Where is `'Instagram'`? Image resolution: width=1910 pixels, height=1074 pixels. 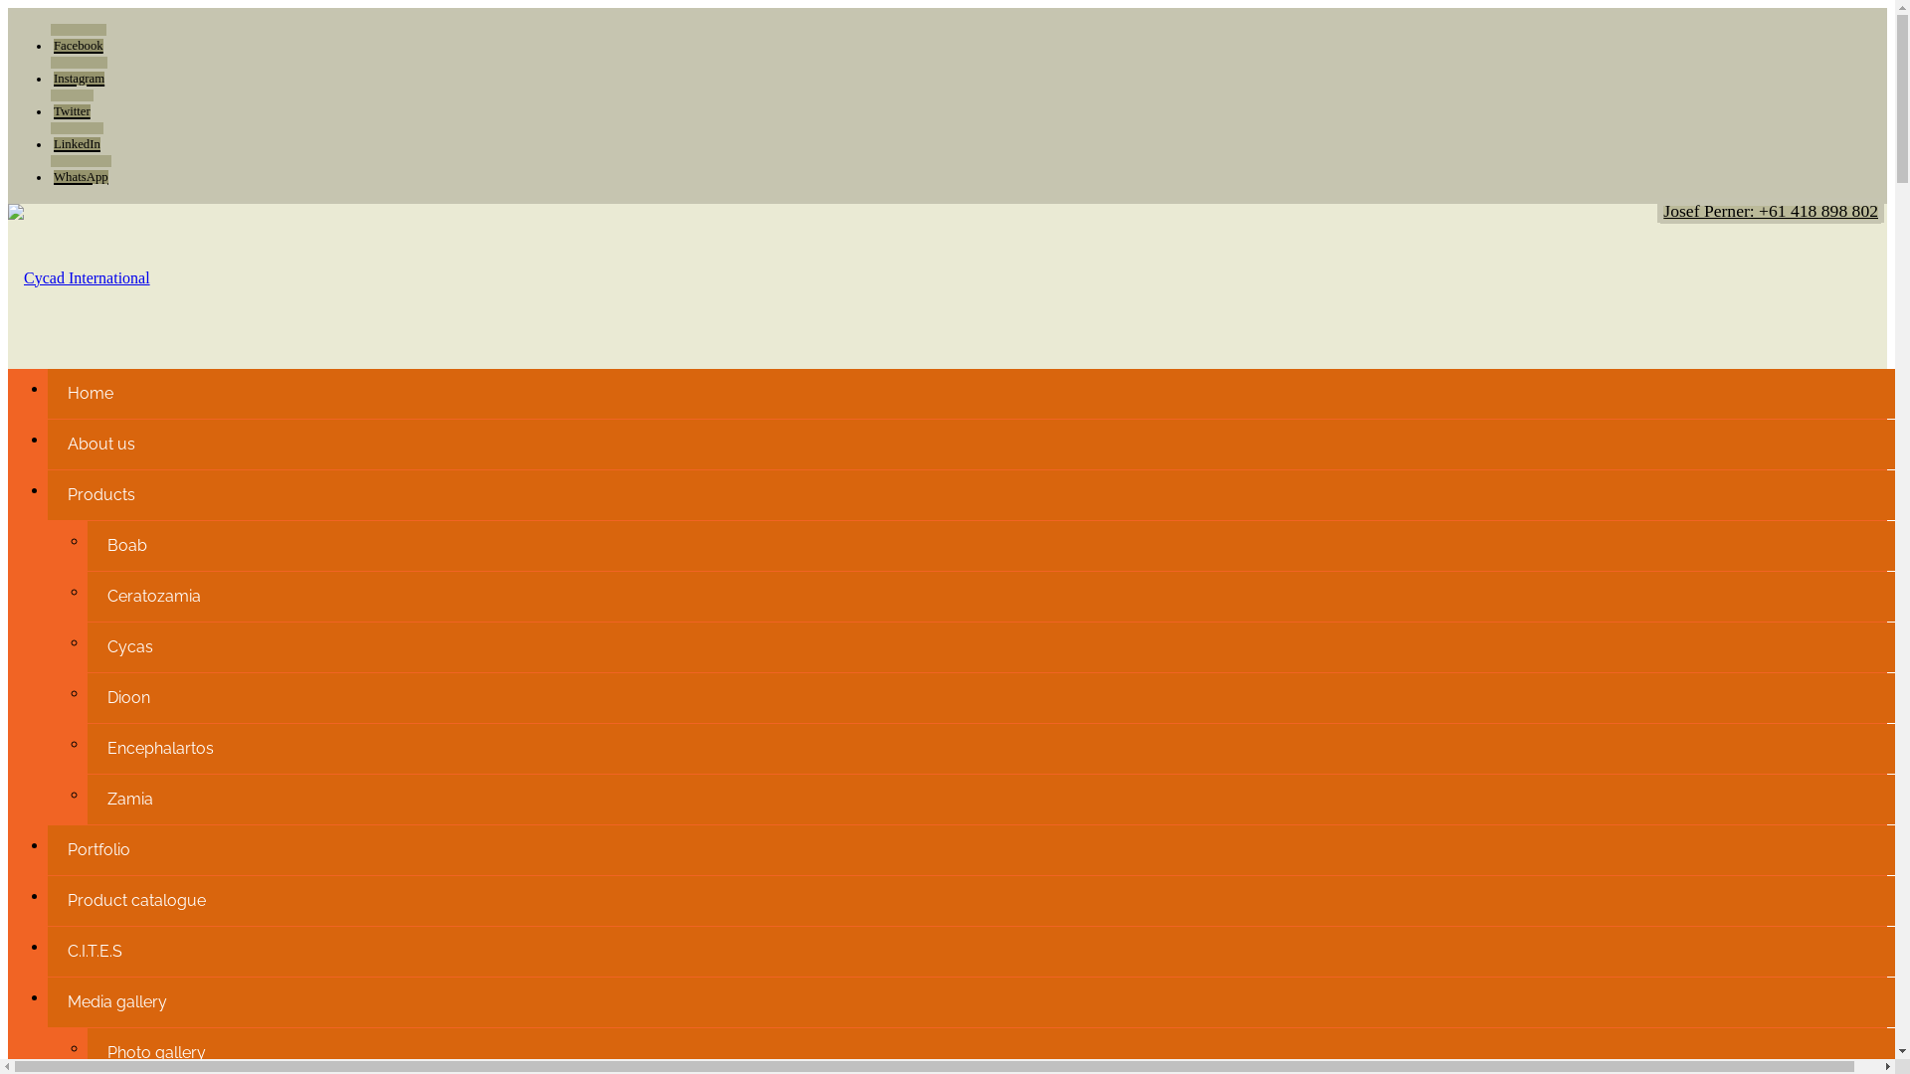 'Instagram' is located at coordinates (79, 72).